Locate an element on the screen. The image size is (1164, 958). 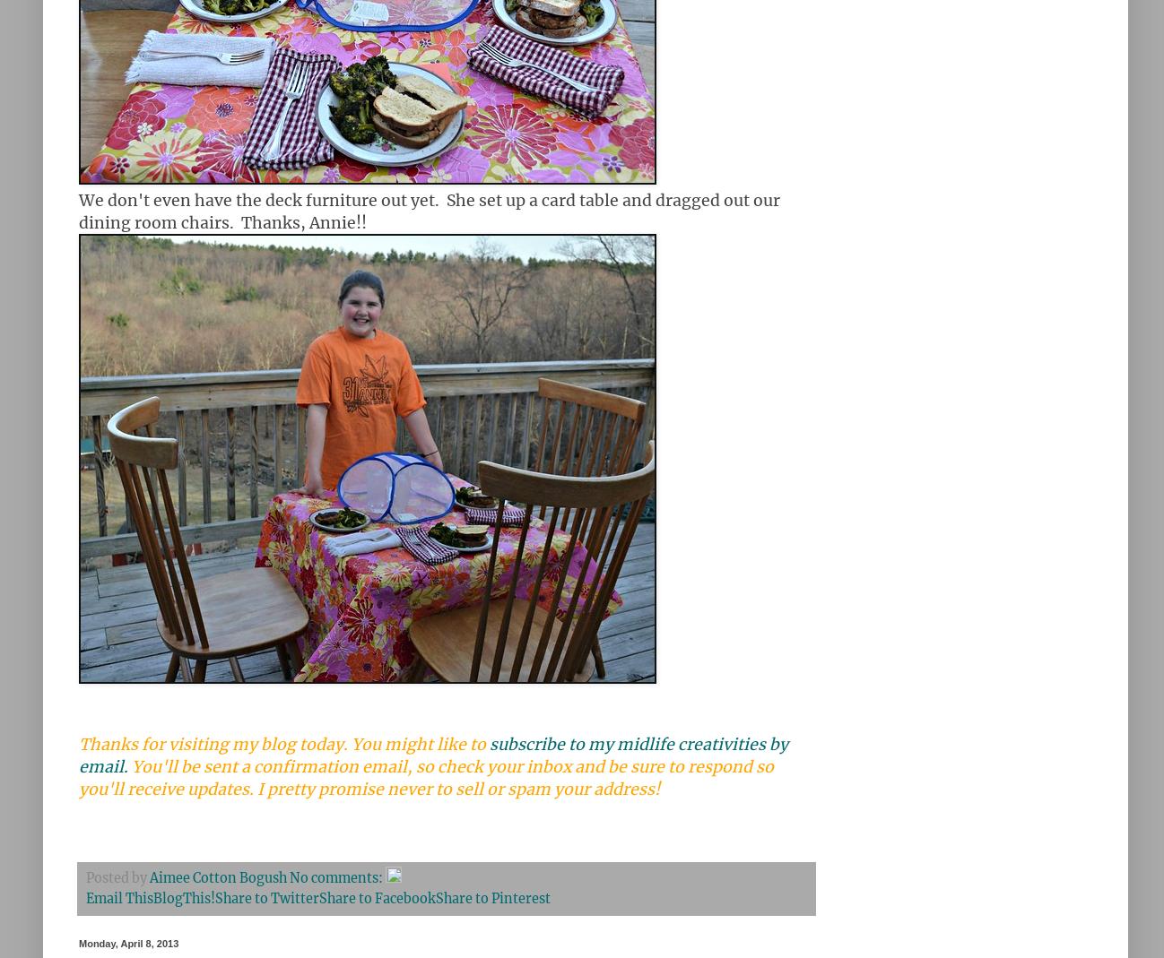
'Thanks for visiting my blog today.  You might like to' is located at coordinates (282, 745).